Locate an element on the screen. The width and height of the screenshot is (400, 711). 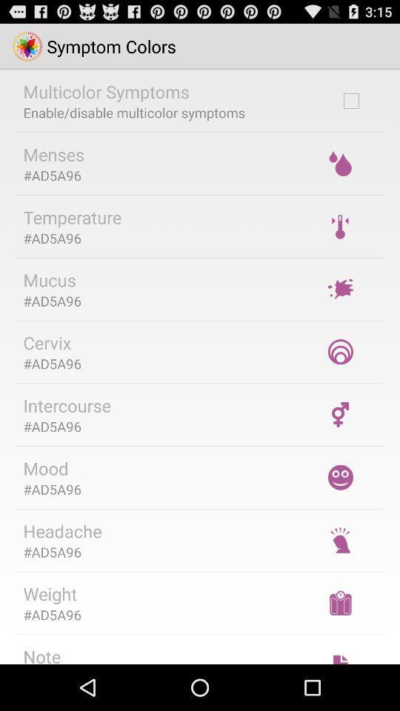
cervix icon is located at coordinates (47, 342).